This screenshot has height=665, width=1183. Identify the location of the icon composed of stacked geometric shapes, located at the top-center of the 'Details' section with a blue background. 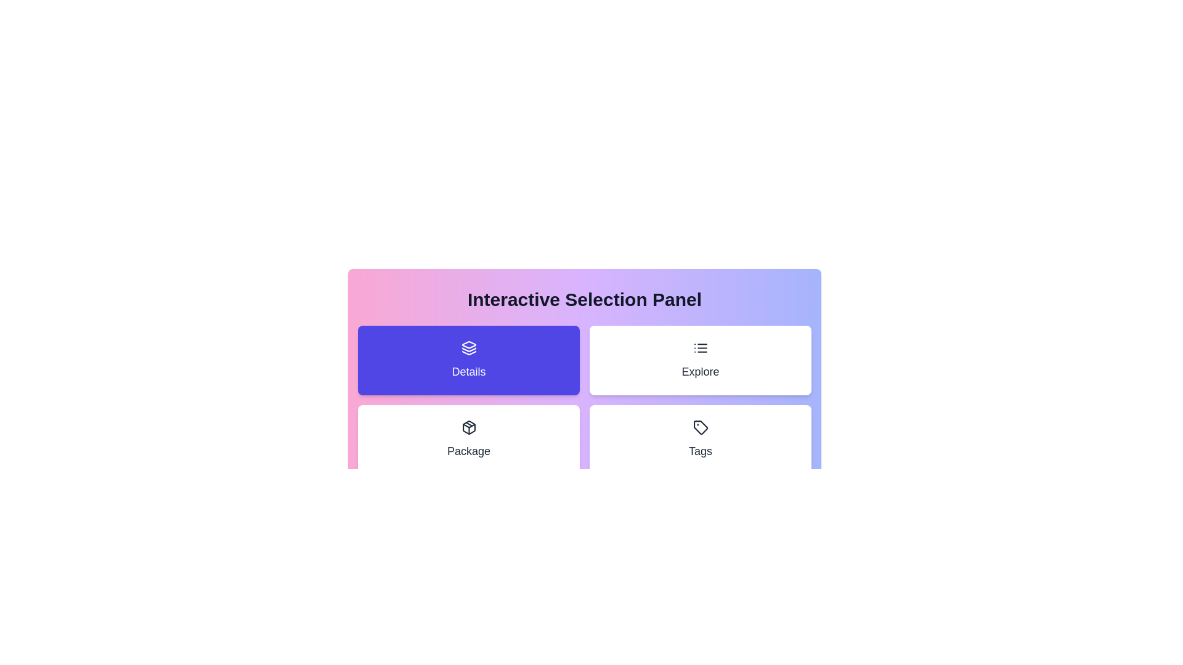
(468, 347).